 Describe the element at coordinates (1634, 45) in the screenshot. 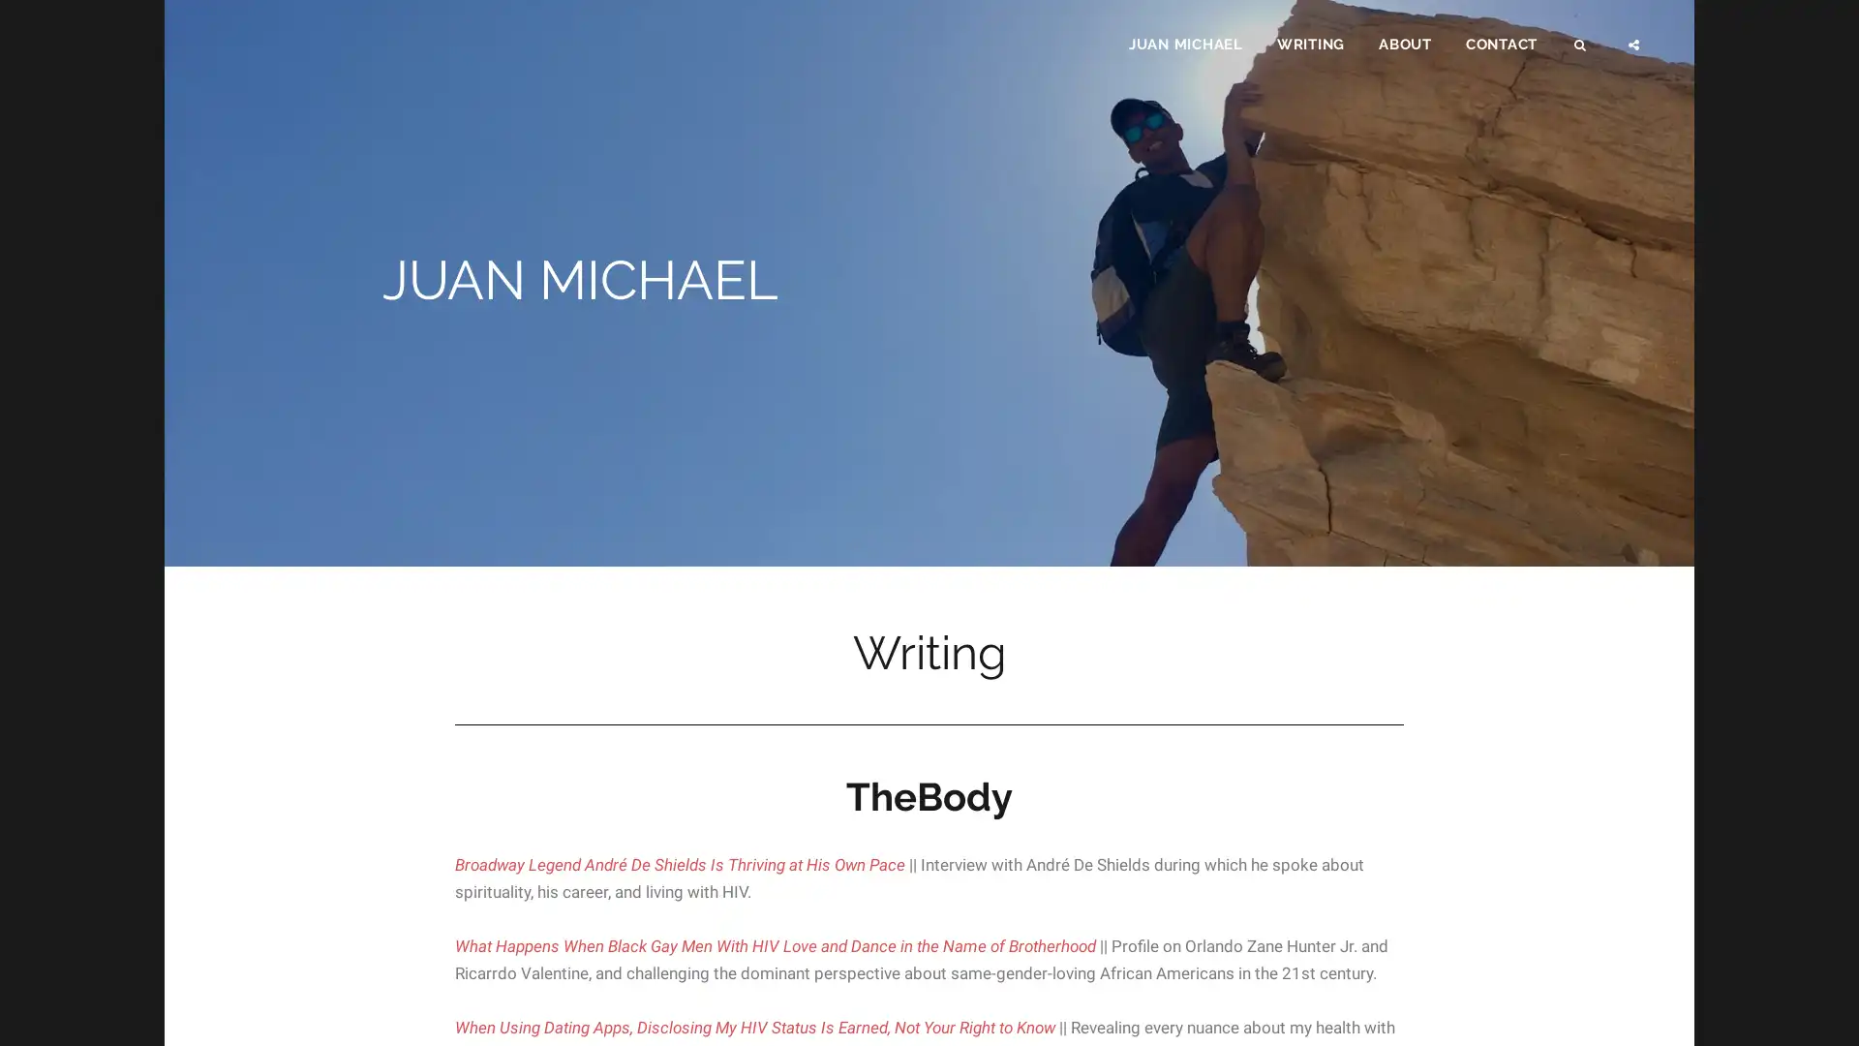

I see `SOCIAL MENU` at that location.